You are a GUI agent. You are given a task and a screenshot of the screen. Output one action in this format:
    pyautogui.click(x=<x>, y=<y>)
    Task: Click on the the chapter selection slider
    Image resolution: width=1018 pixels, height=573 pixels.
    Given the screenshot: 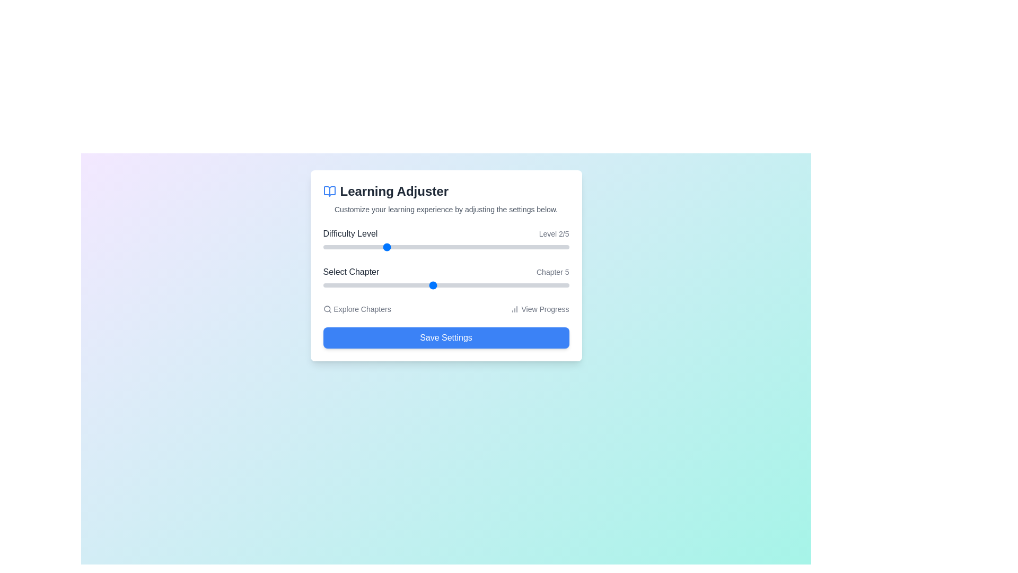 What is the action you would take?
    pyautogui.click(x=460, y=284)
    